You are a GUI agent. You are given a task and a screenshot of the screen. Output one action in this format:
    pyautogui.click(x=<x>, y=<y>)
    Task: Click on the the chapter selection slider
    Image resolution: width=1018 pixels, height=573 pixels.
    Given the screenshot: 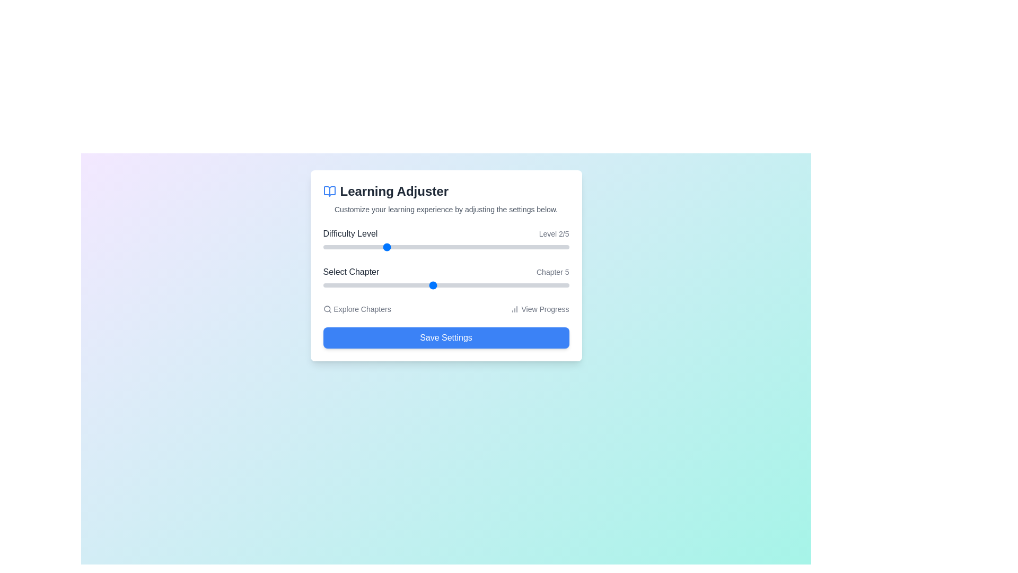 What is the action you would take?
    pyautogui.click(x=460, y=284)
    